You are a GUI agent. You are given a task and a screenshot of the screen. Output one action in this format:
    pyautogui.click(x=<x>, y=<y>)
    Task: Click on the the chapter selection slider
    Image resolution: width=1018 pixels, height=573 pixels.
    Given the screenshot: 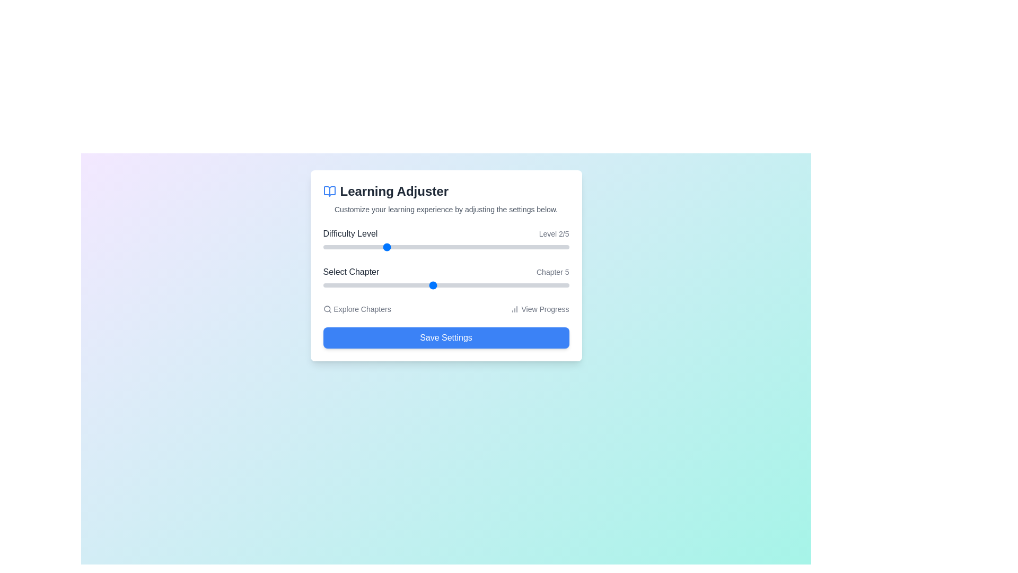 What is the action you would take?
    pyautogui.click(x=460, y=284)
    